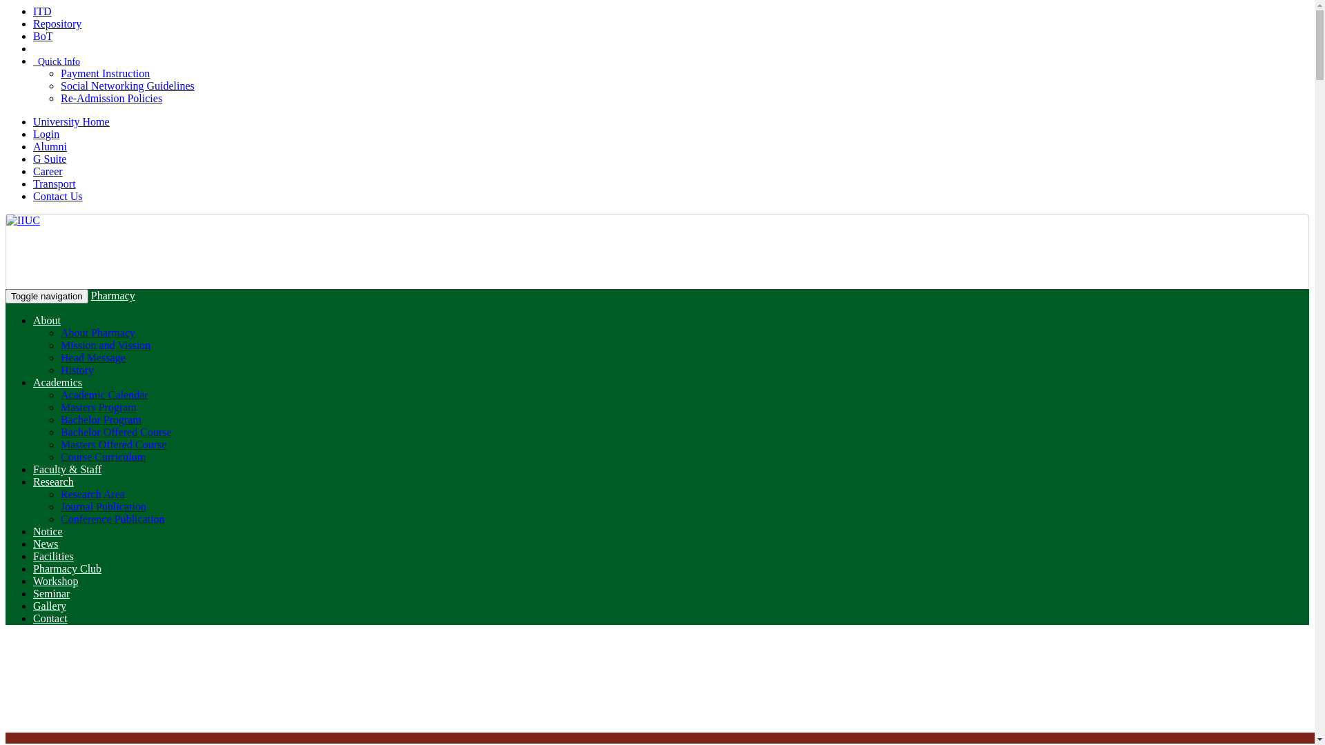  I want to click on 'Repository', so click(56, 23).